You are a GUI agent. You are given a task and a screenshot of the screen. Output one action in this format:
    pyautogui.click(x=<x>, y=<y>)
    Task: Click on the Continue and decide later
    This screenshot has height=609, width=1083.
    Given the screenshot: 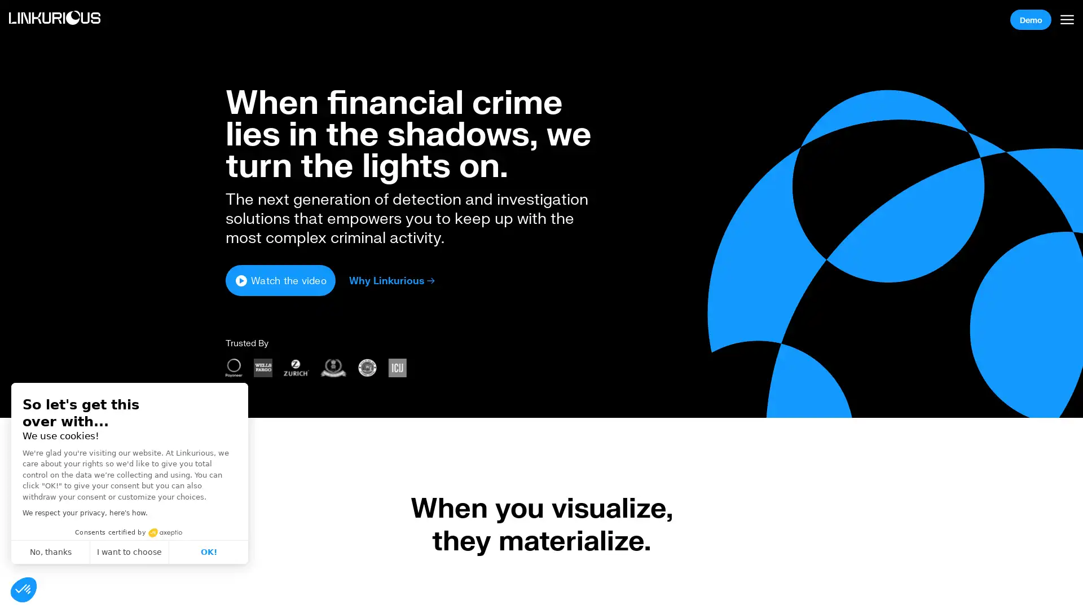 What is the action you would take?
    pyautogui.click(x=24, y=589)
    